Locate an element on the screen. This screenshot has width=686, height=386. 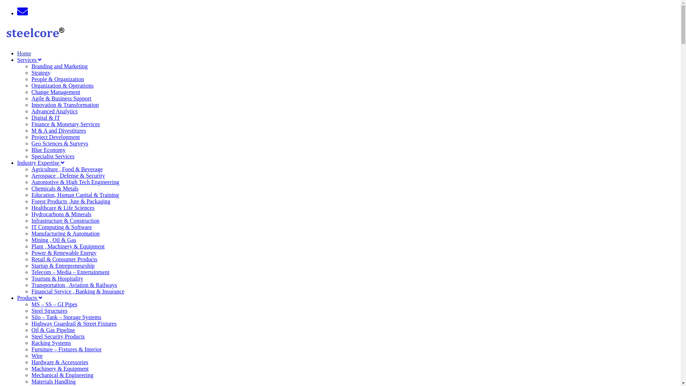
'Healthcare & Life Sciences' is located at coordinates (63, 208).